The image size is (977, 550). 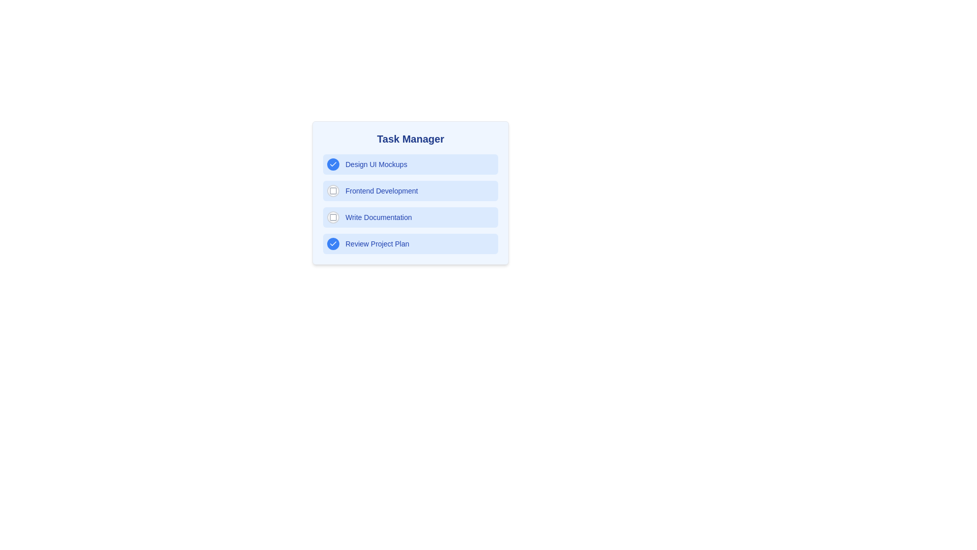 What do you see at coordinates (381, 190) in the screenshot?
I see `the task label corresponding to Frontend Development` at bounding box center [381, 190].